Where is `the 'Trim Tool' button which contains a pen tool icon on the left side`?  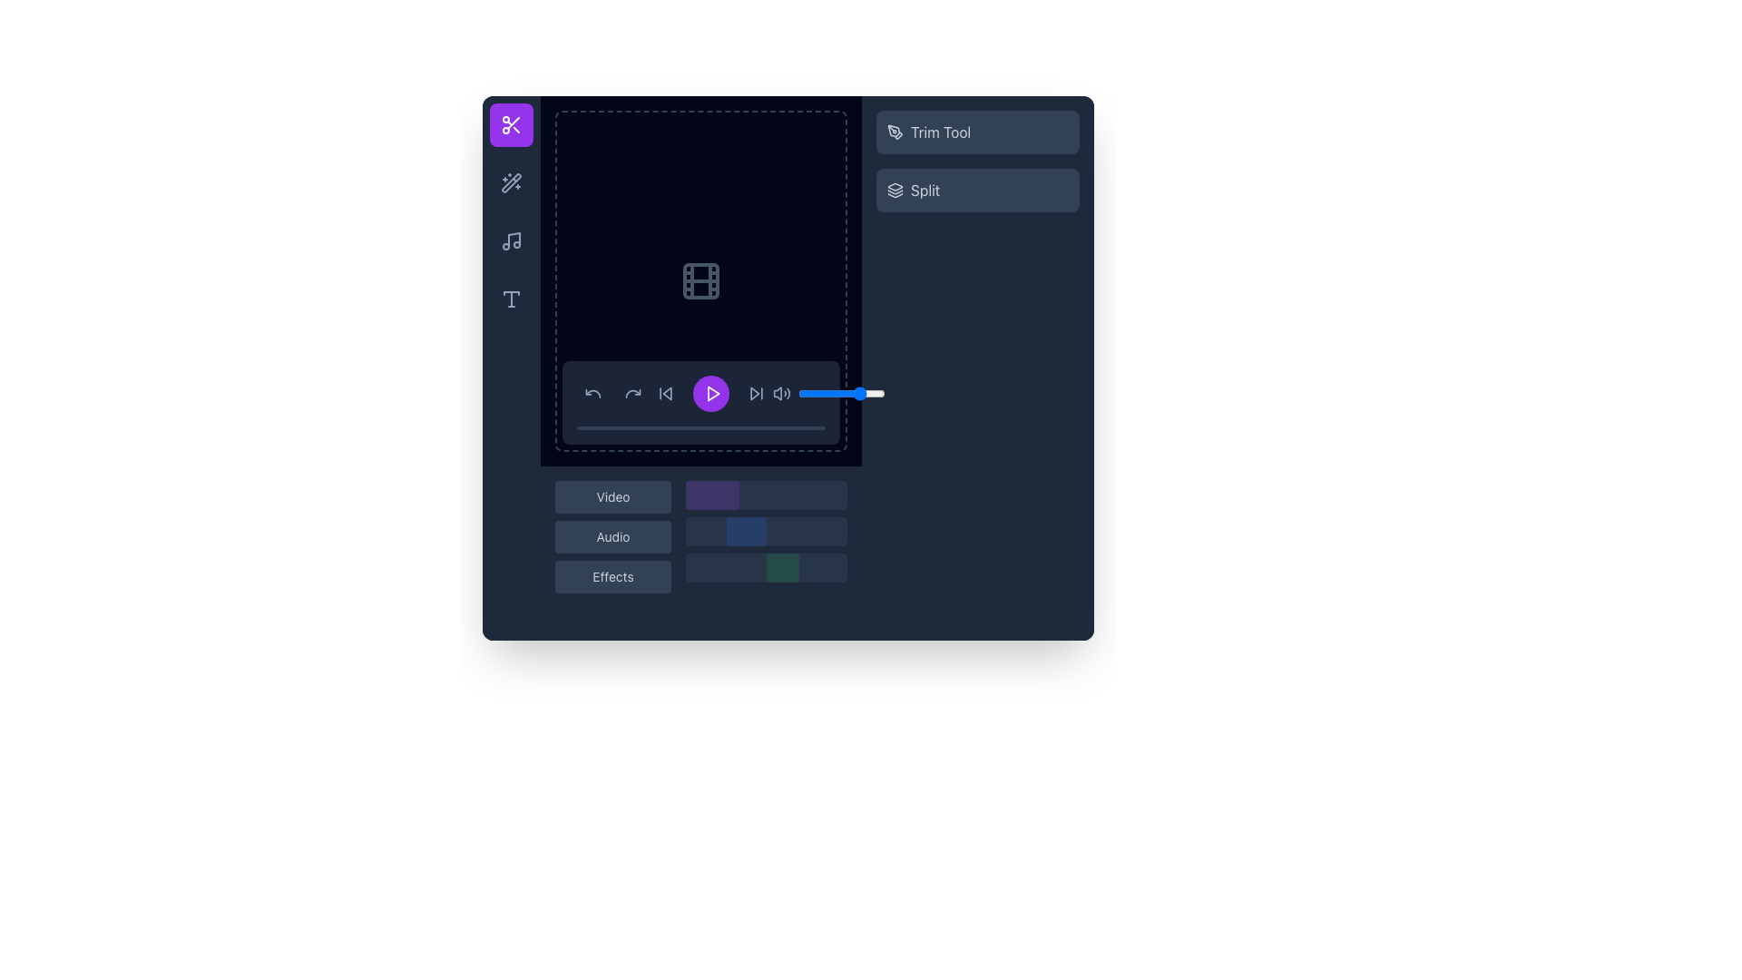 the 'Trim Tool' button which contains a pen tool icon on the left side is located at coordinates (895, 132).